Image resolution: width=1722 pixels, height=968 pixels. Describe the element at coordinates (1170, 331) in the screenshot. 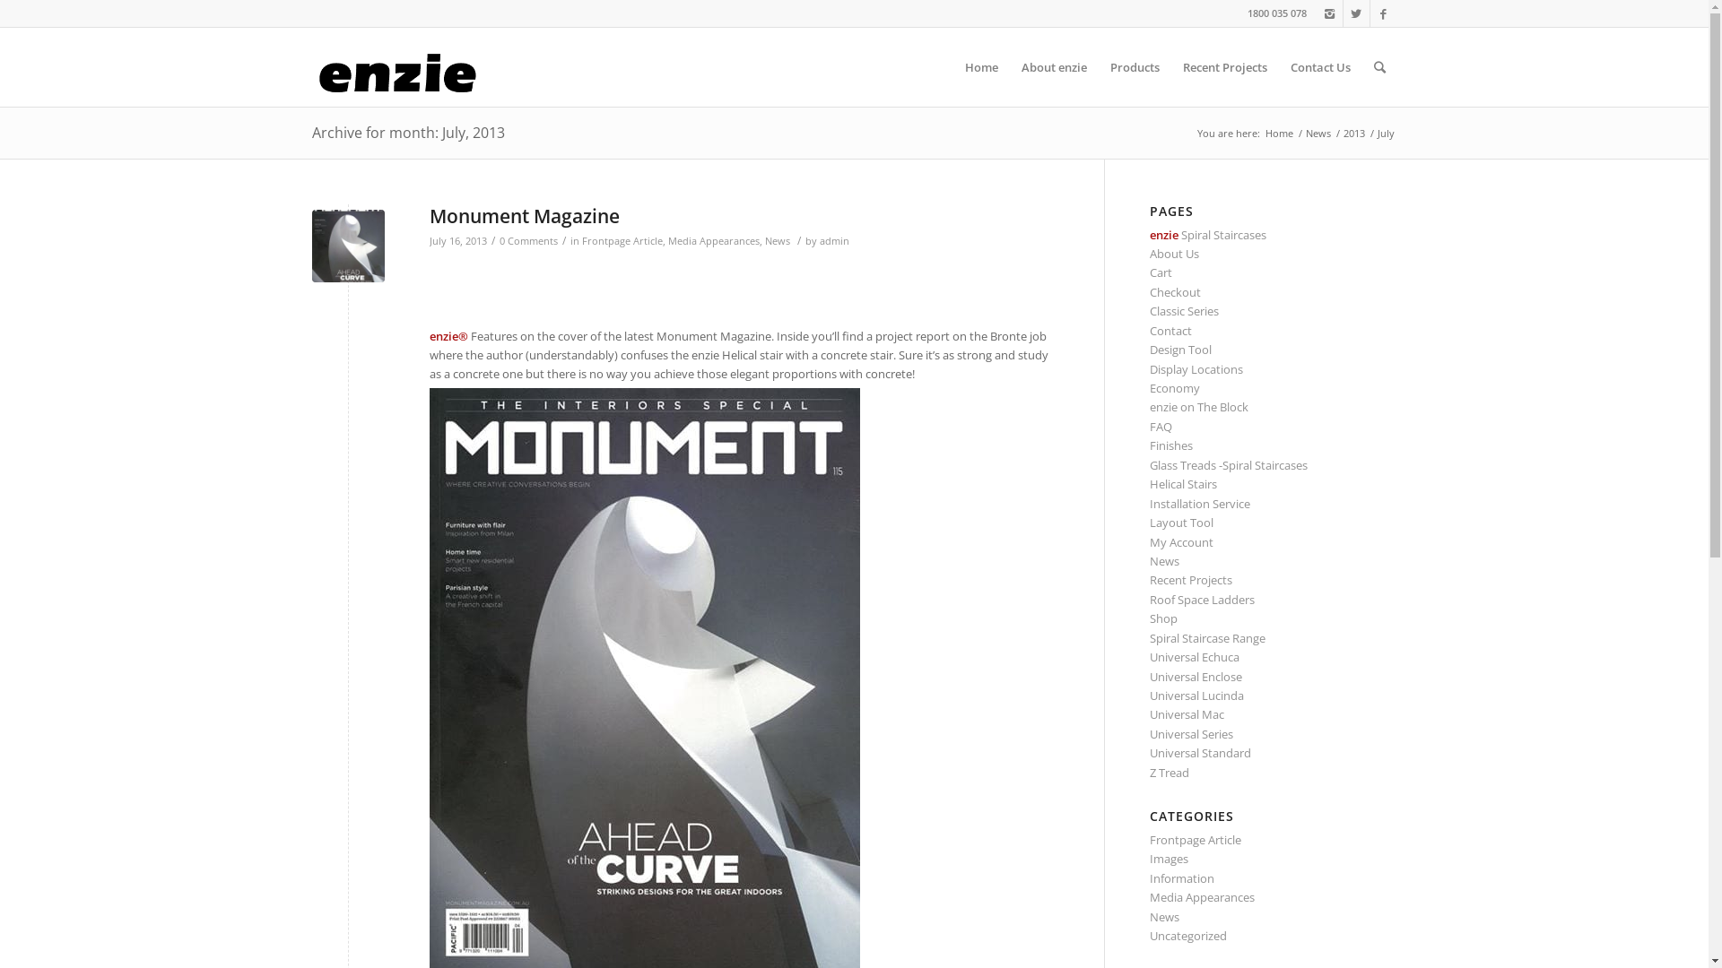

I see `'Contact'` at that location.